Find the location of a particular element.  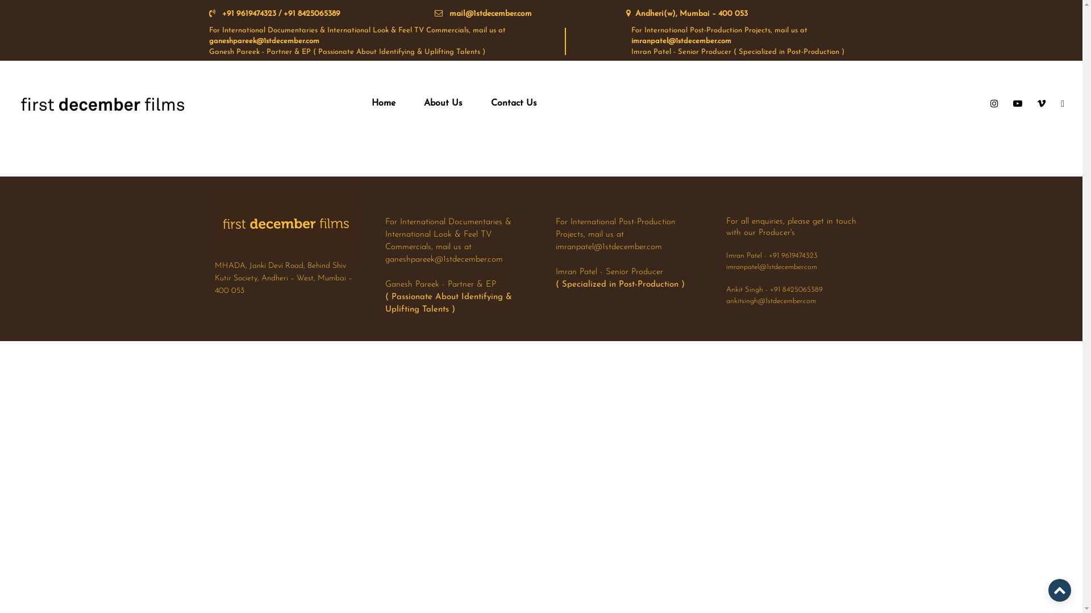

'mail@1stdecember.com' is located at coordinates (519, 14).